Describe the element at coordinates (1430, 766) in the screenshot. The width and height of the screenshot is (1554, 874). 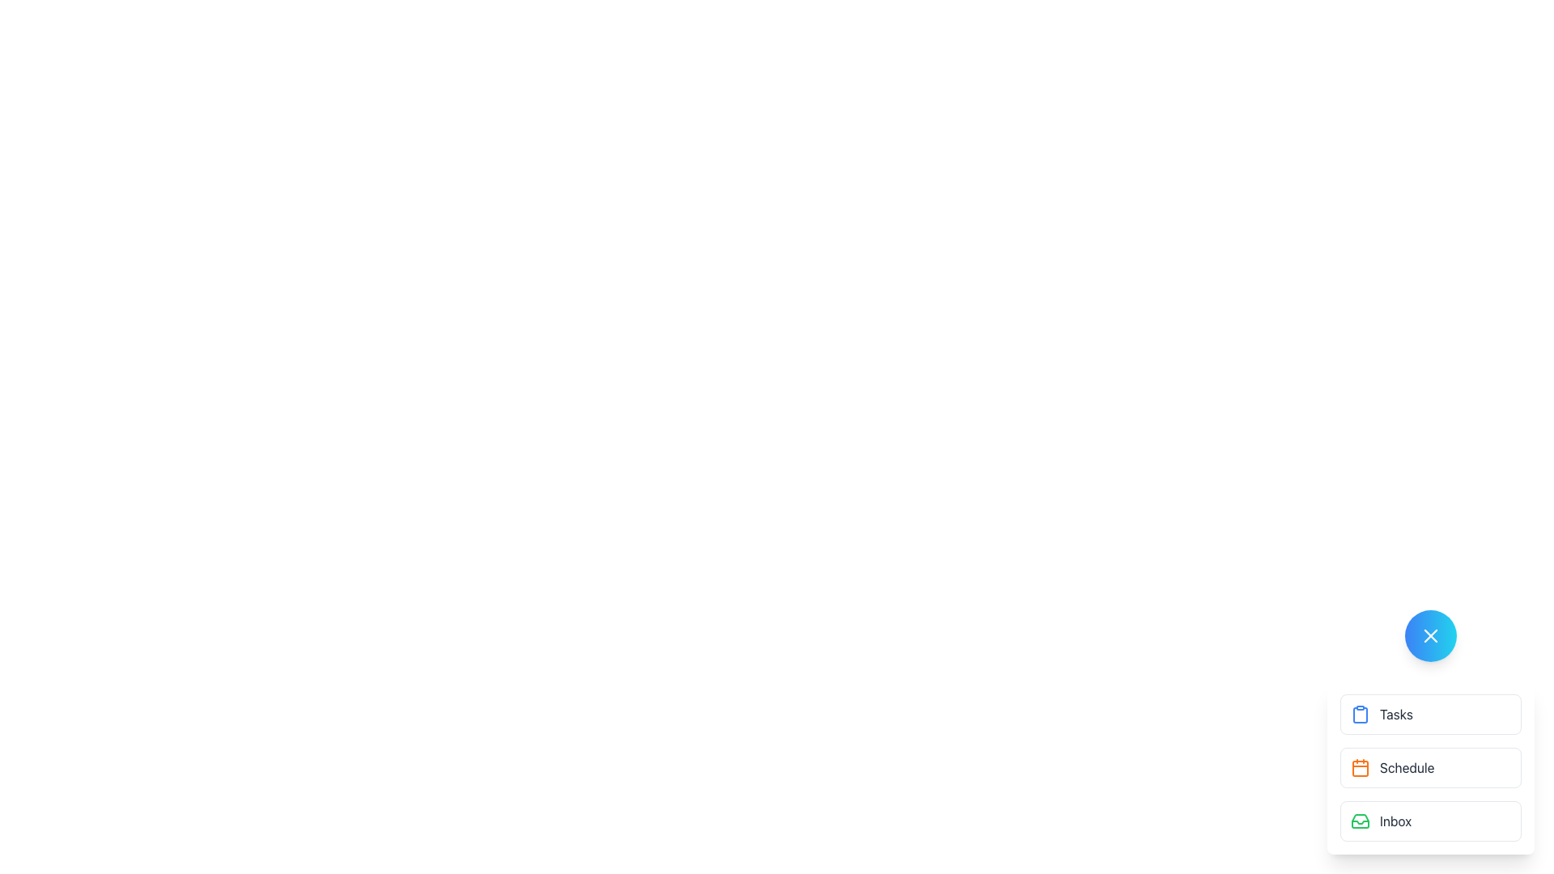
I see `the navigational button located below the 'Tasks' element and above the 'Inbox' element` at that location.